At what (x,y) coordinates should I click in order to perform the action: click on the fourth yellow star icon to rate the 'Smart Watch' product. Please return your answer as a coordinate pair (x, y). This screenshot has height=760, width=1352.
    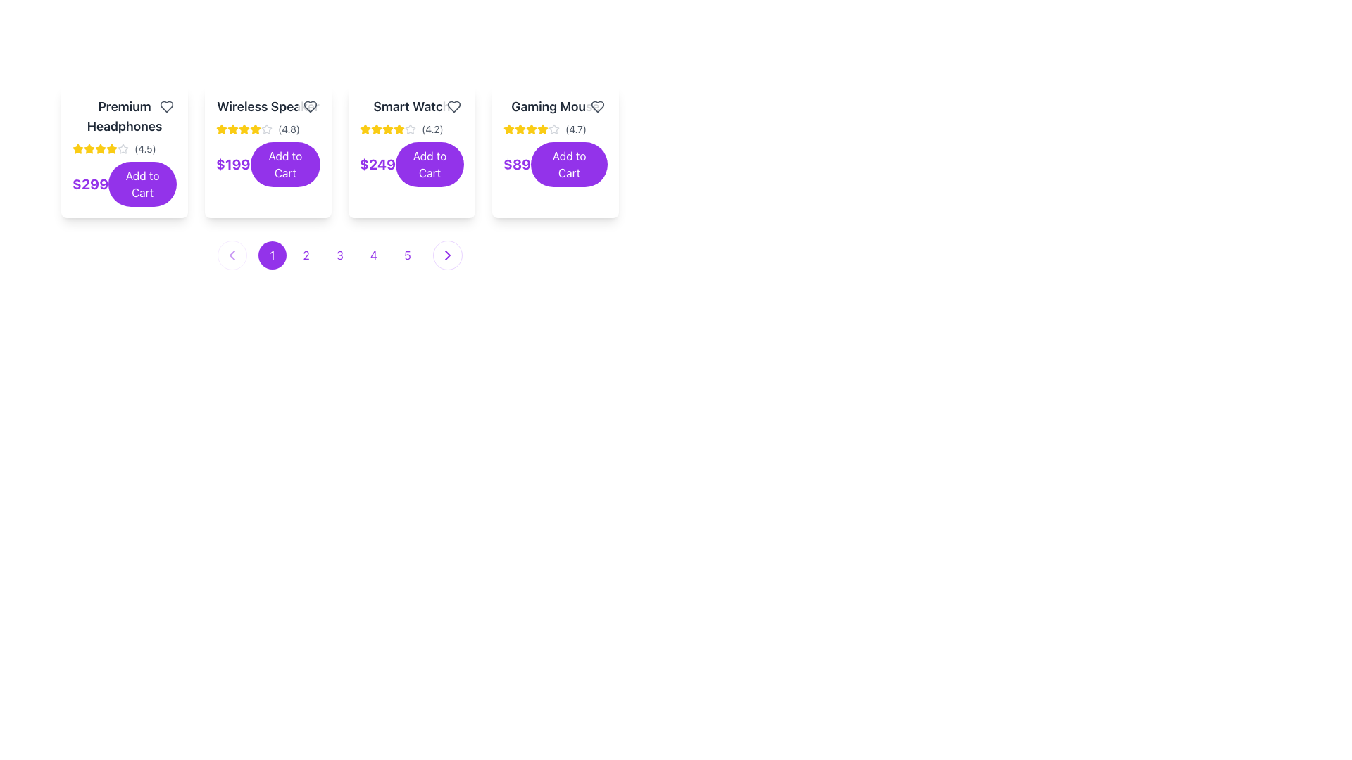
    Looking at the image, I should click on (388, 129).